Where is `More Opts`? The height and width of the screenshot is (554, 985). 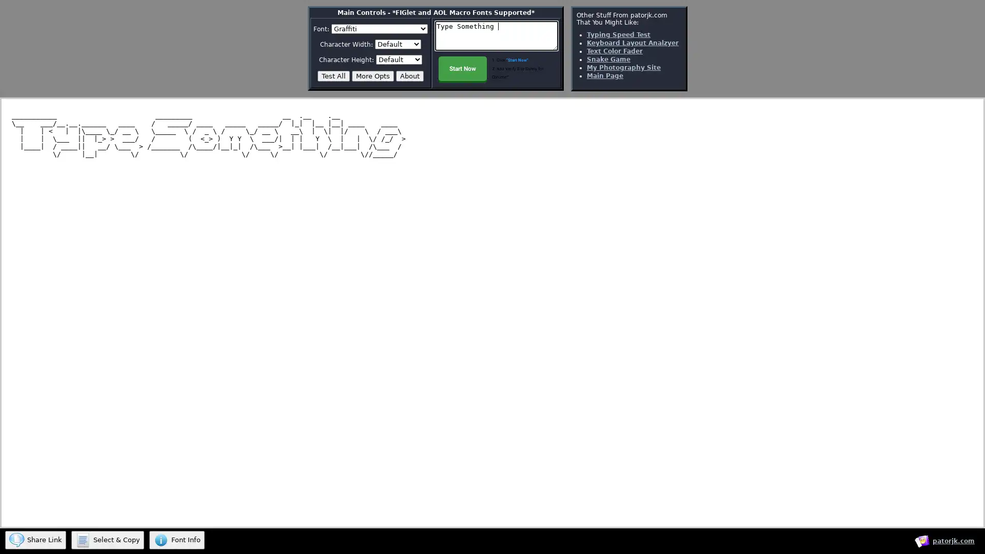
More Opts is located at coordinates (372, 75).